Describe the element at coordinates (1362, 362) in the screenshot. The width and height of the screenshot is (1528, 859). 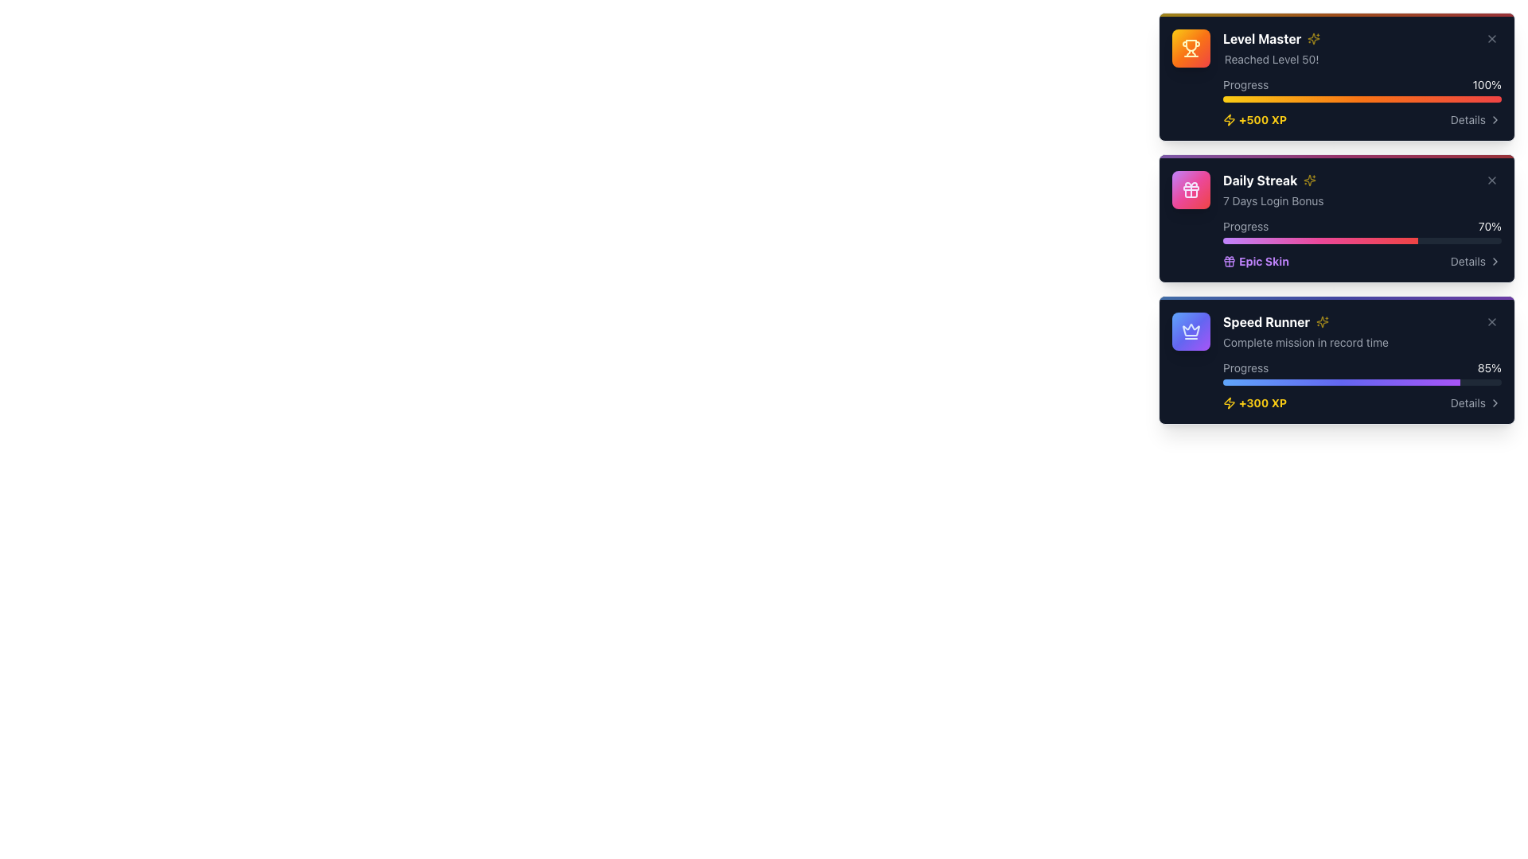
I see `the progress bar of the 'Speed Runner' informational card located at the bottom of the vertical list of mission boxes on the right side of the interface for completion analysis` at that location.